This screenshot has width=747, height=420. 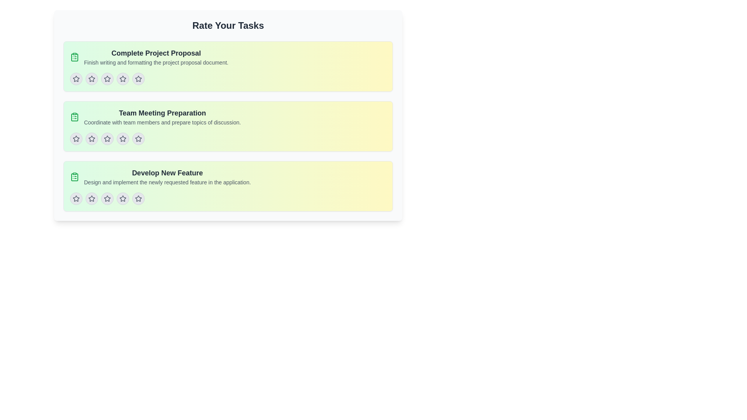 What do you see at coordinates (138, 79) in the screenshot?
I see `the circular button featuring a star icon in the 'Complete Project Proposal' section` at bounding box center [138, 79].